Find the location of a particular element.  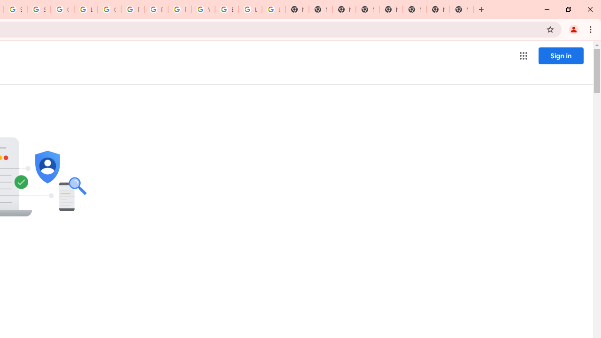

'Privacy Help Center - Policies Help' is located at coordinates (132, 9).